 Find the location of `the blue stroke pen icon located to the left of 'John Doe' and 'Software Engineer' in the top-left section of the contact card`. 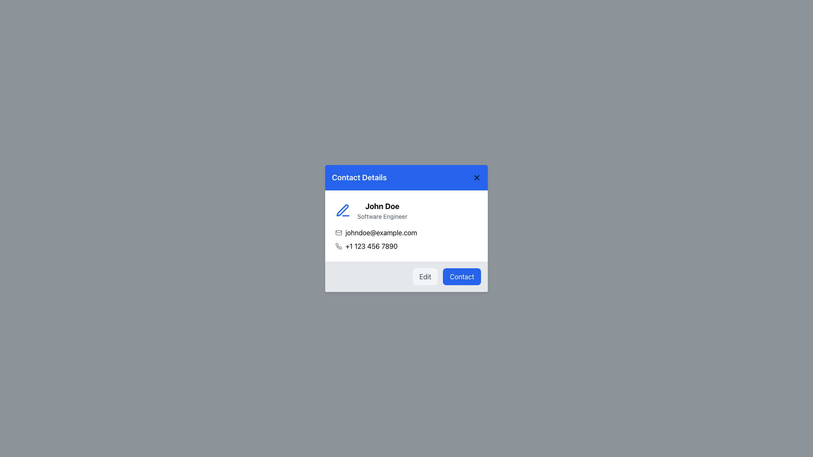

the blue stroke pen icon located to the left of 'John Doe' and 'Software Engineer' in the top-left section of the contact card is located at coordinates (343, 210).